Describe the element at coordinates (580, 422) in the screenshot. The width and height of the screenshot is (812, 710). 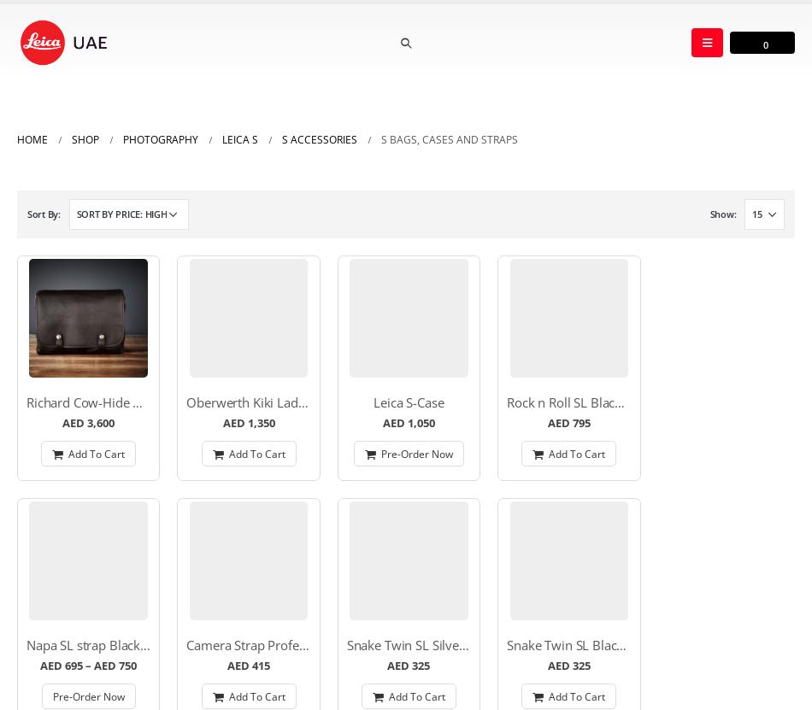
I see `'795'` at that location.